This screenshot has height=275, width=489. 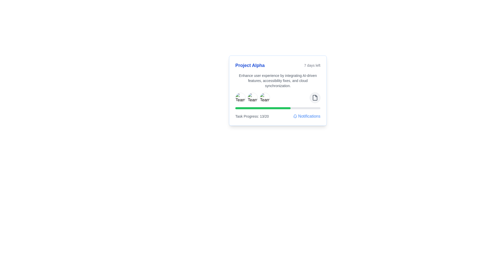 What do you see at coordinates (277, 108) in the screenshot?
I see `the horizontal progress bar with a light gray background and green overlay indicating progress, located above the text 'Task Progress: 13/20' within a card layout` at bounding box center [277, 108].